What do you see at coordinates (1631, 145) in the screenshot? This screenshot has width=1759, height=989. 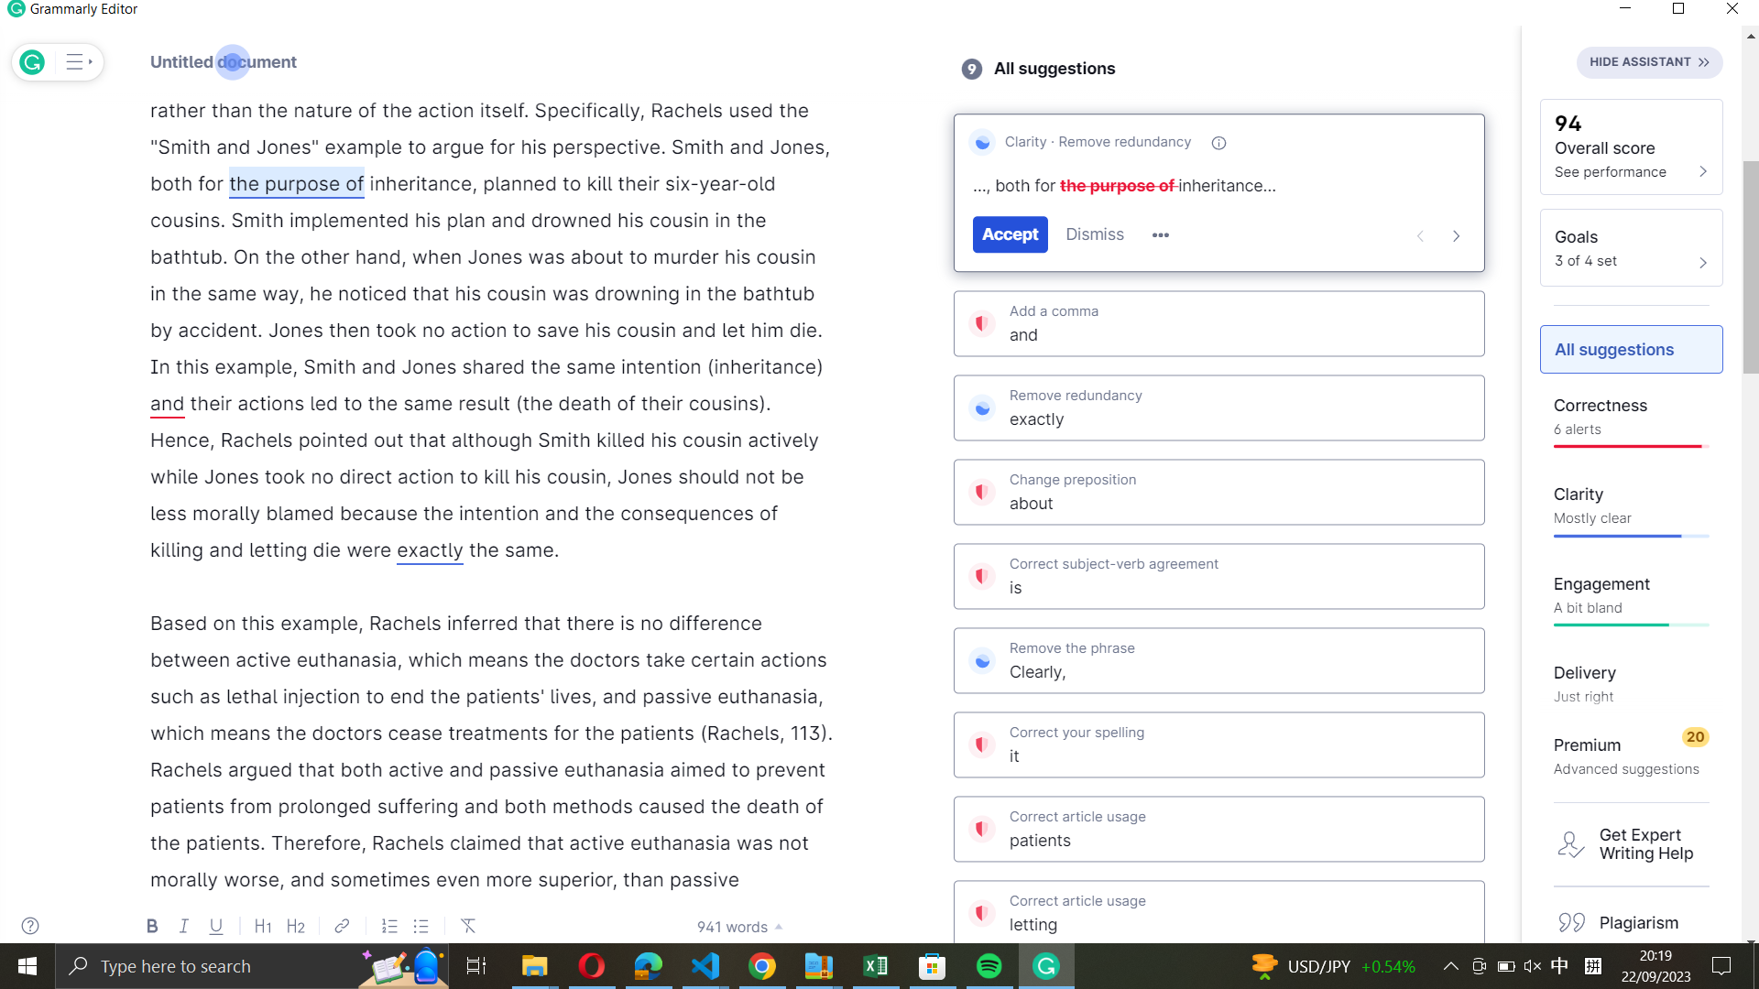 I see `See the overall score` at bounding box center [1631, 145].